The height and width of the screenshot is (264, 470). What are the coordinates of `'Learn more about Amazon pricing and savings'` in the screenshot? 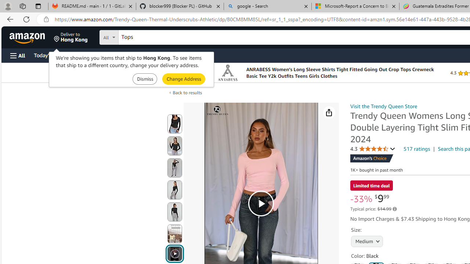 It's located at (394, 209).